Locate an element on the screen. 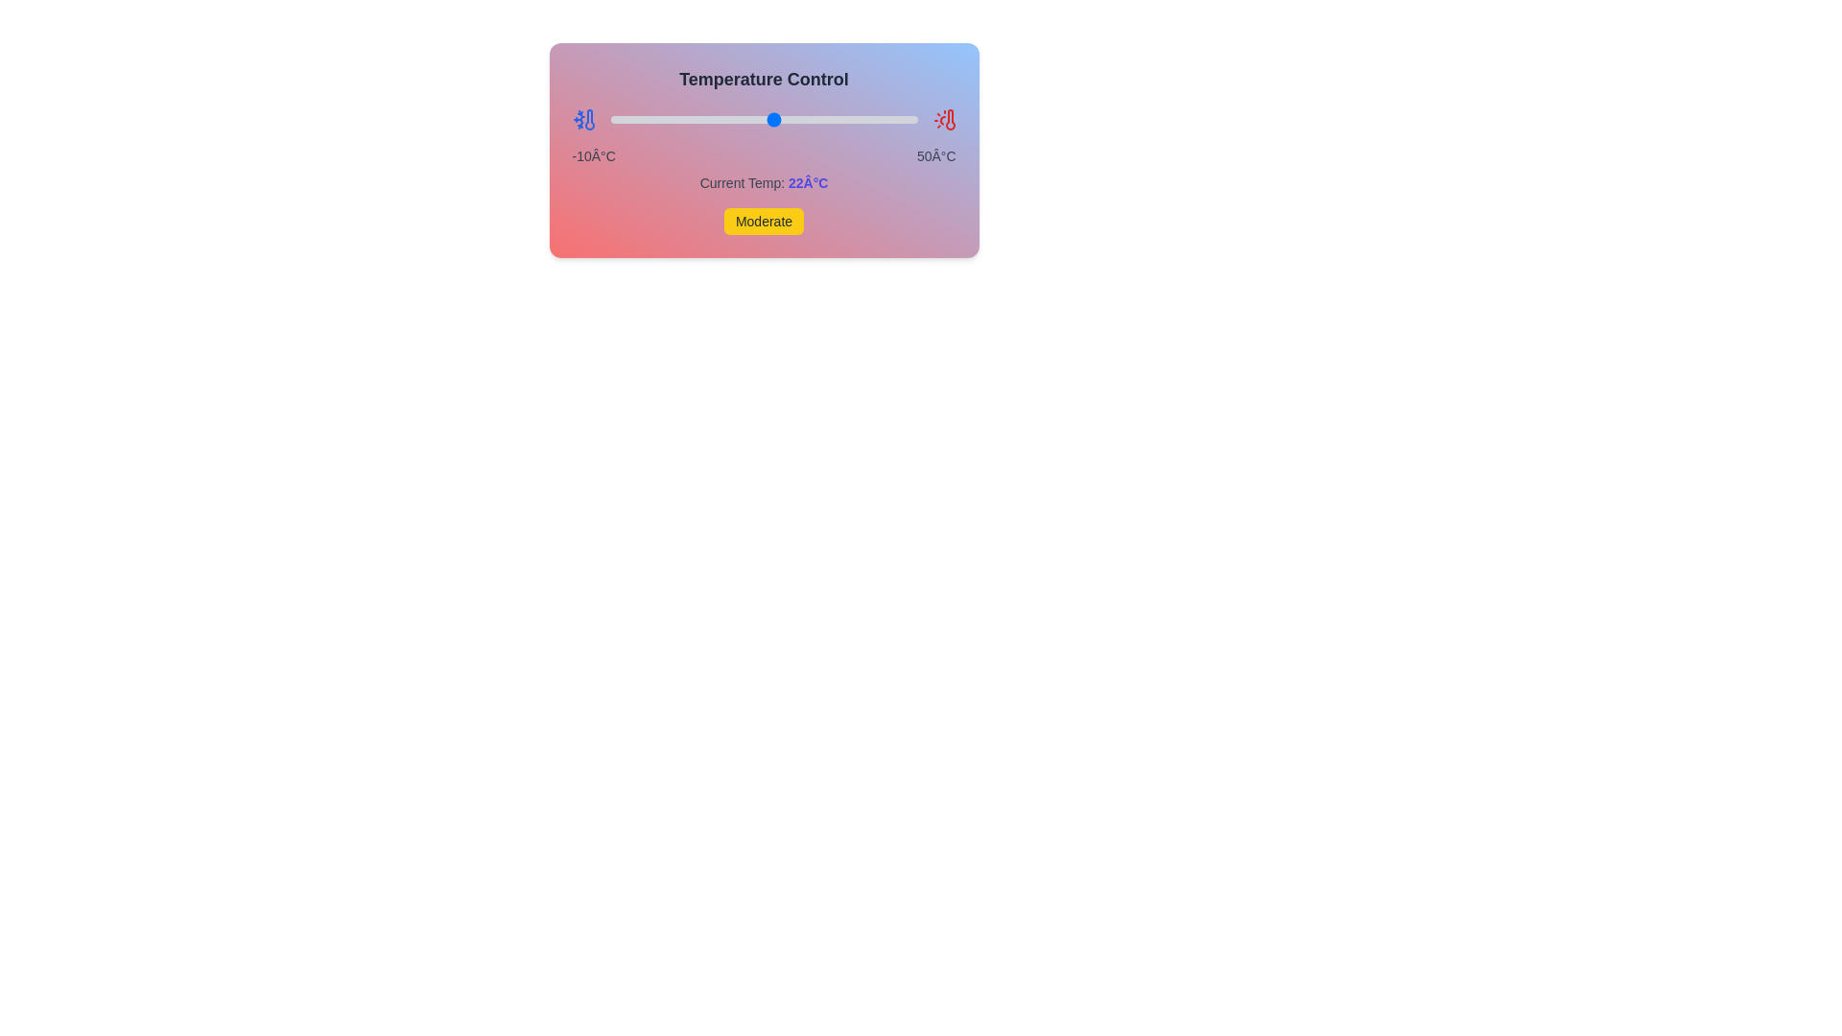  the temperature slider to -4°C is located at coordinates (641, 119).